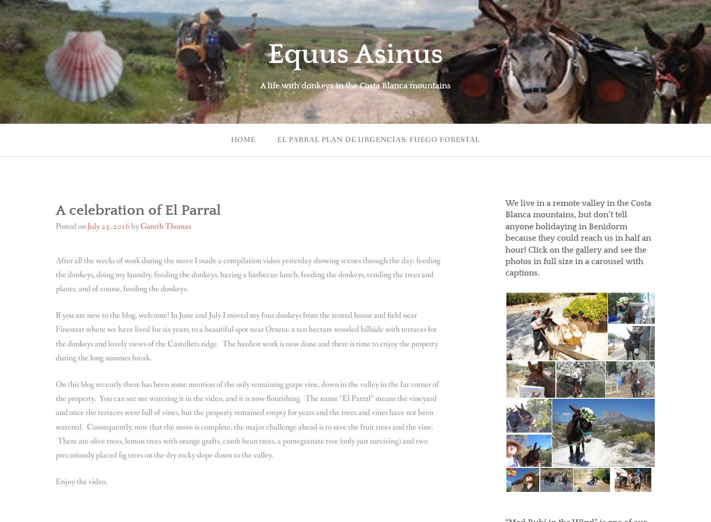 Image resolution: width=711 pixels, height=522 pixels. Describe the element at coordinates (247, 420) in the screenshot. I see `'On this blog recently there has been some mention of the only remaining grape vine, down in the valley in the far corner of the property.  You can see me watering it in the video, and it is now flourishing.  The name “El Parral” means the vineyard and once the terraces were full of vines, but the property remained empty for years and the trees and vines have not been watered.  Consequently, now that the move is complete, the major challenge ahead is to save the fruit trees and the vine.  There are olive trees, lemon trees with orange grafts, carob bean trees, a pomegranate tree (only just surviving) and two precariously placed fig trees on the dry rocky slope down to the valley.'` at that location.